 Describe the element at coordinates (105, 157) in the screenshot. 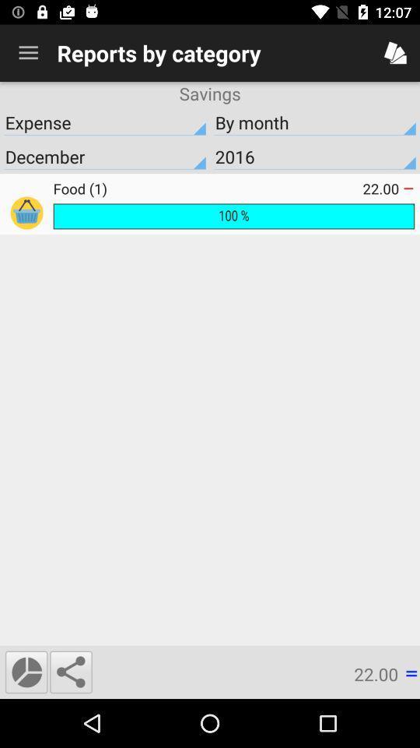

I see `icon next to the by month item` at that location.